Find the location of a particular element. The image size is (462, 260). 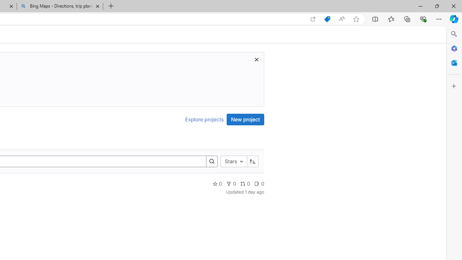

'Sort direction: Ascending' is located at coordinates (252, 161).